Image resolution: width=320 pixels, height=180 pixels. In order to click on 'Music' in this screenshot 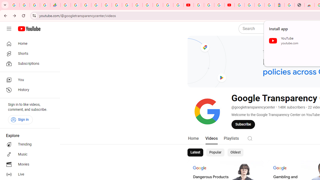, I will do `click(28, 154)`.